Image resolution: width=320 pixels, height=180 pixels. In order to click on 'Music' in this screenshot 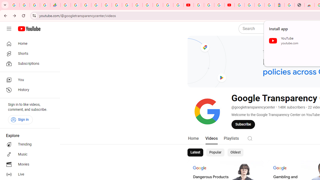, I will do `click(28, 154)`.